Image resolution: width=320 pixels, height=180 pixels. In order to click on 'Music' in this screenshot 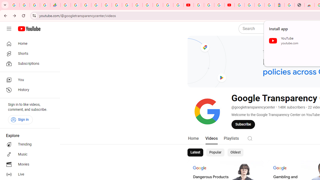, I will do `click(28, 154)`.